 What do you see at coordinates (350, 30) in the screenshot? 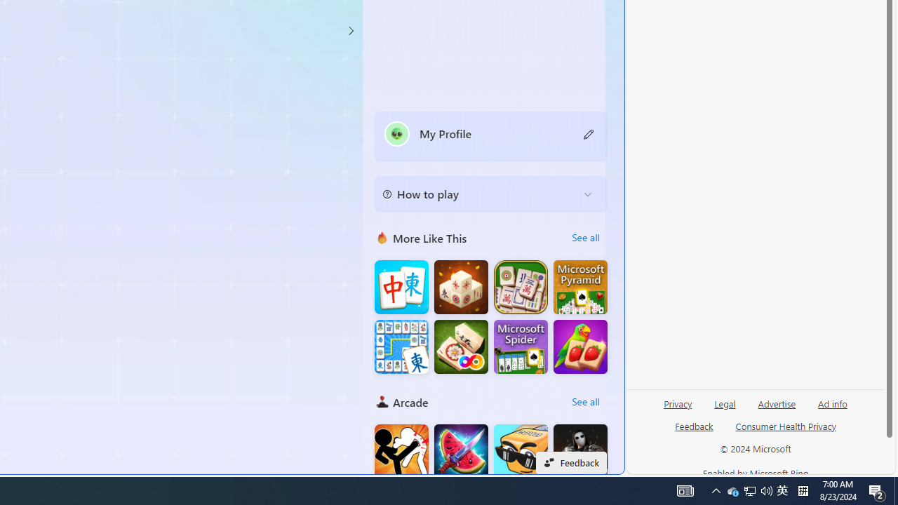
I see `'Class: control'` at bounding box center [350, 30].